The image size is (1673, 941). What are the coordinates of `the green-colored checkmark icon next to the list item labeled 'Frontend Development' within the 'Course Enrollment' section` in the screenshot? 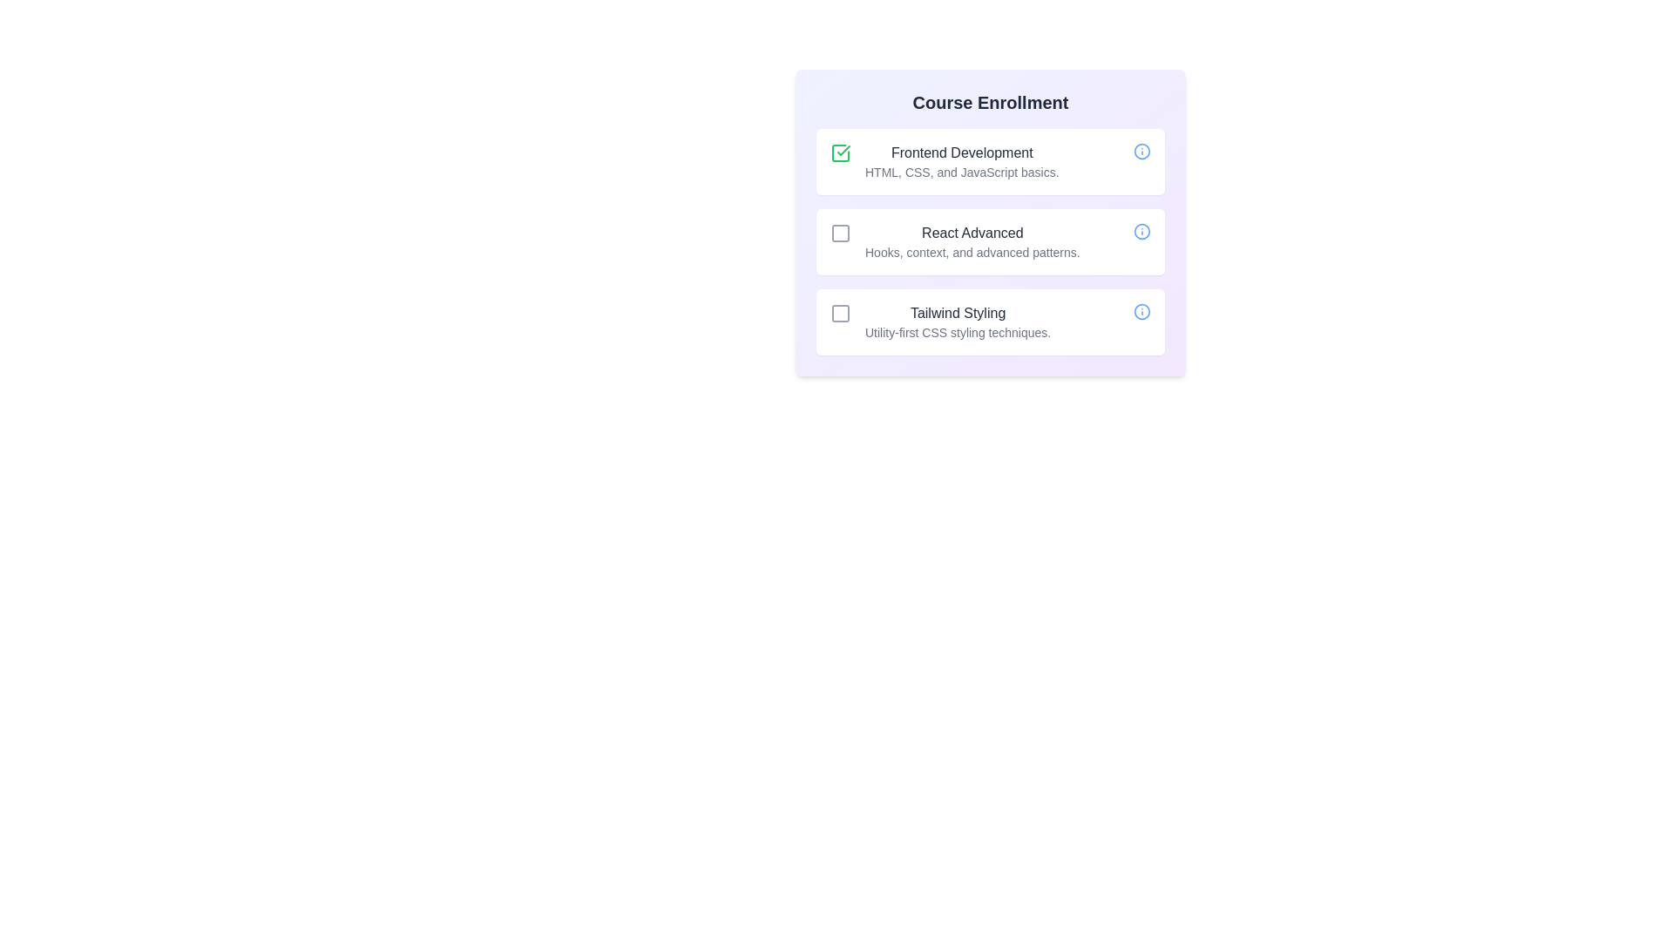 It's located at (843, 150).